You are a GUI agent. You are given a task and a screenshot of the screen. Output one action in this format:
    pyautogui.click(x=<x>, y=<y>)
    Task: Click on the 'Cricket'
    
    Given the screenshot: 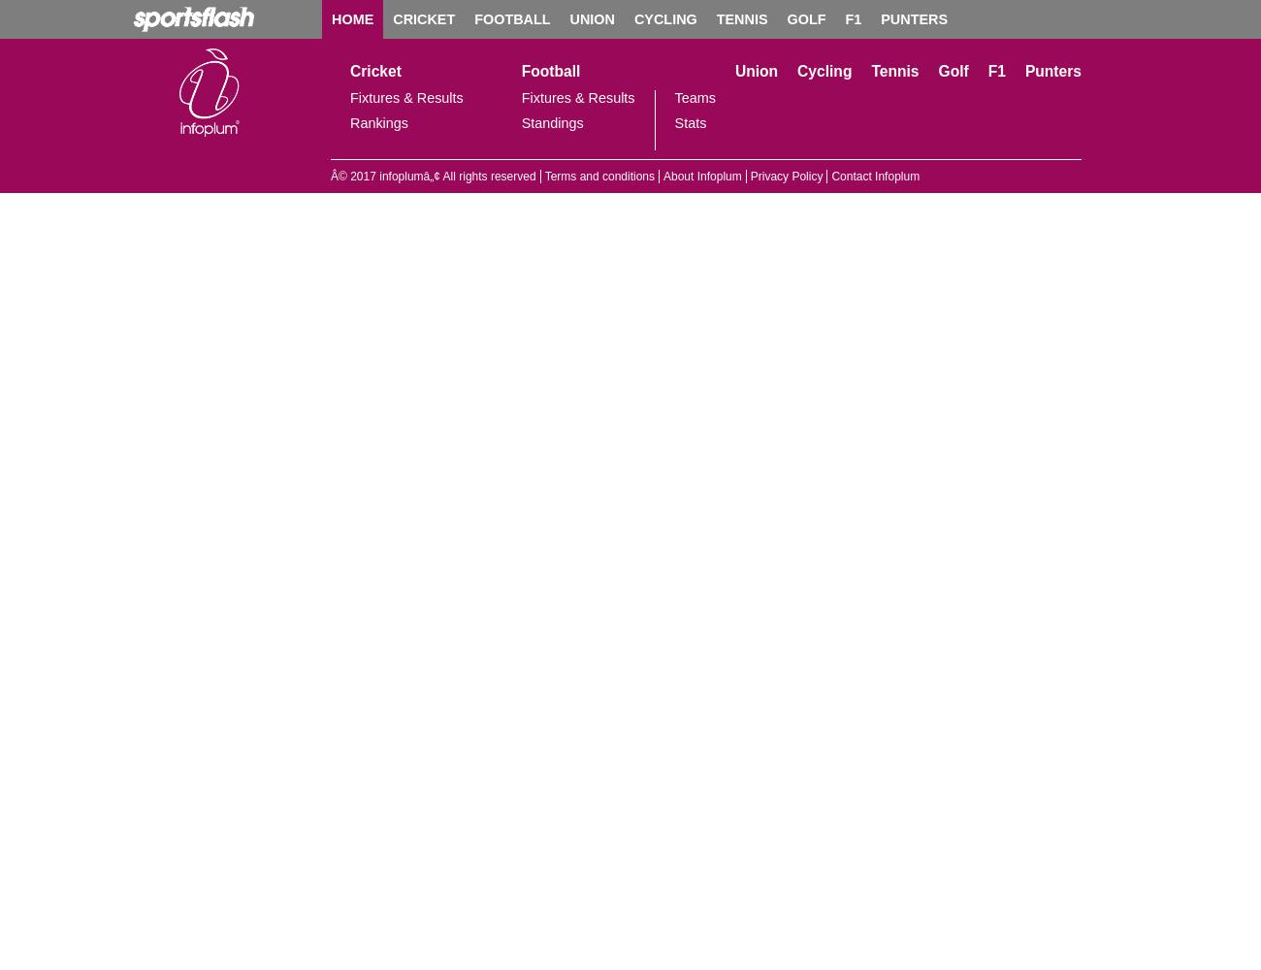 What is the action you would take?
    pyautogui.click(x=375, y=70)
    